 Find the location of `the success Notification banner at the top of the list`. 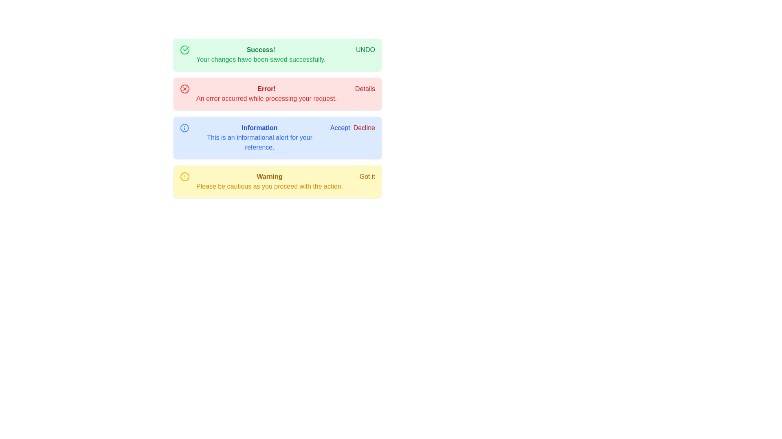

the success Notification banner at the top of the list is located at coordinates (277, 55).